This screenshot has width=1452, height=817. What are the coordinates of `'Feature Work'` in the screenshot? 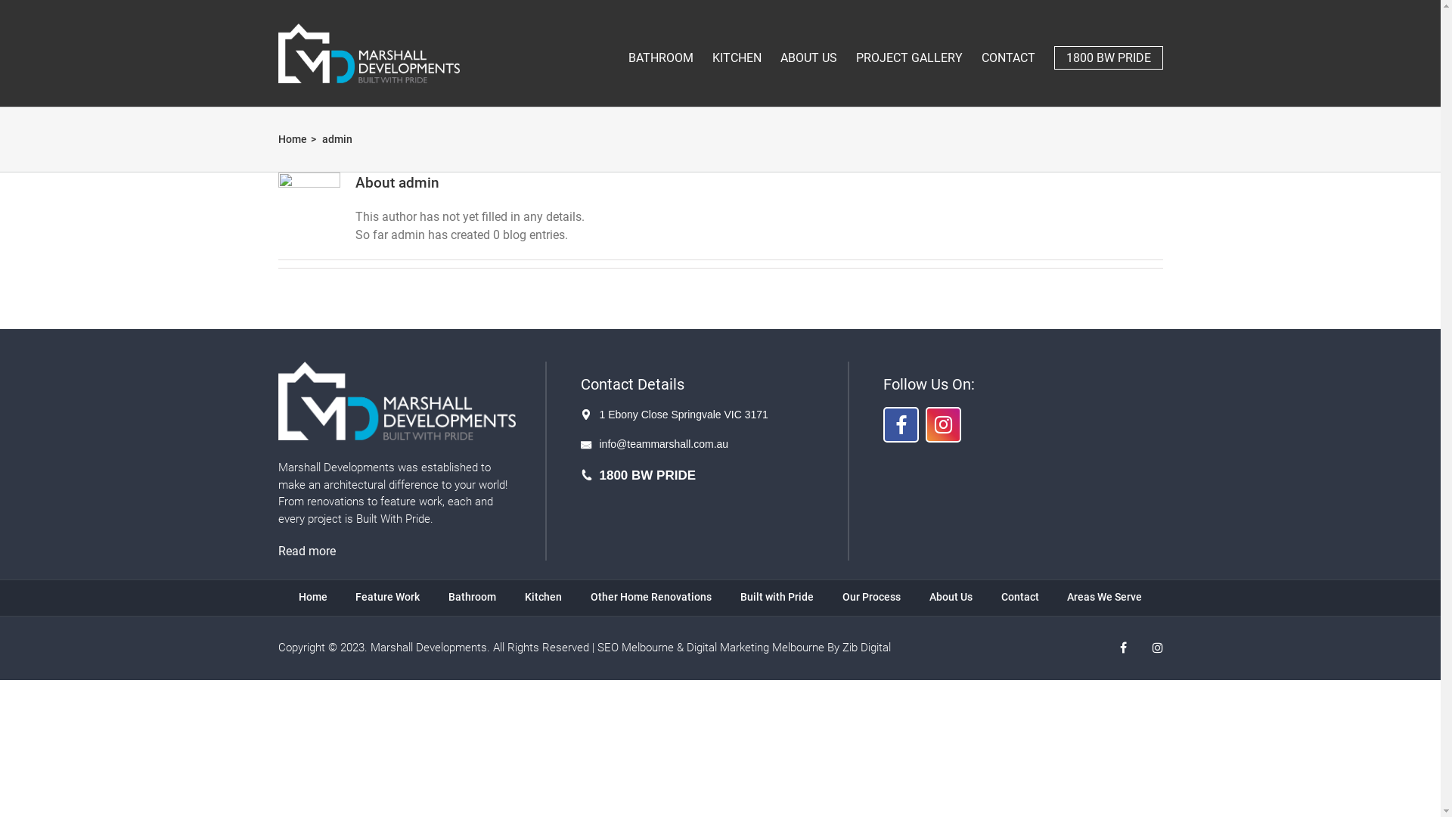 It's located at (387, 596).